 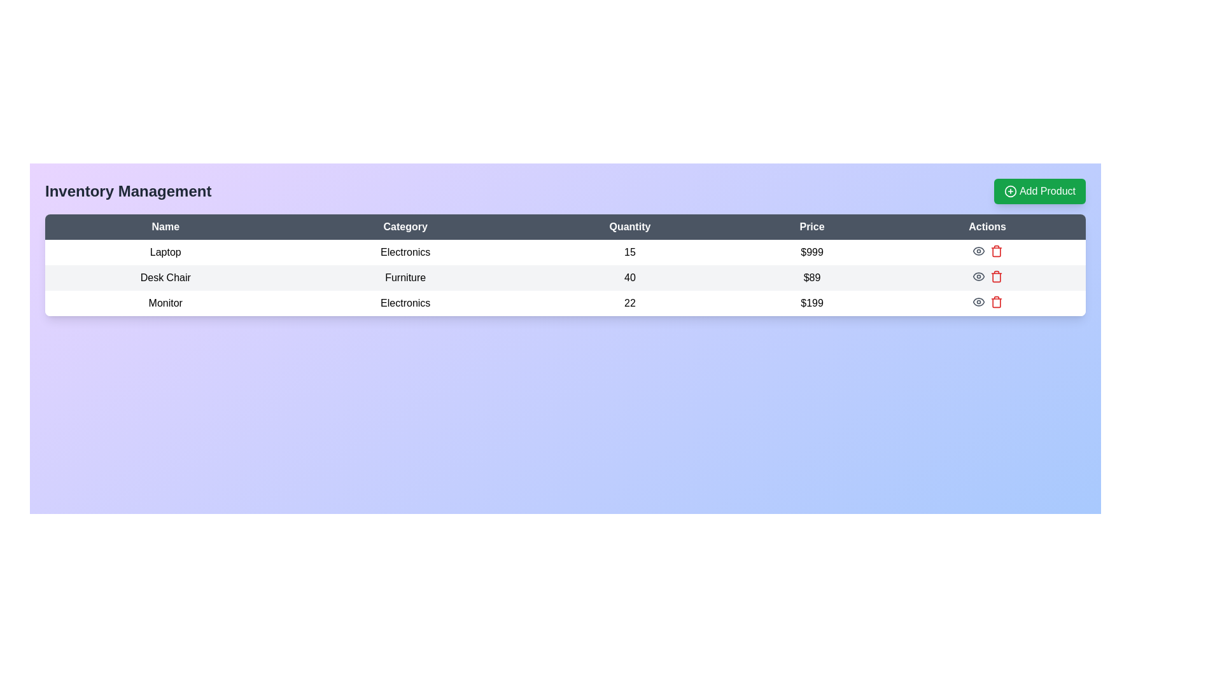 What do you see at coordinates (165, 277) in the screenshot?
I see `the text label displaying 'Desk Chair', which is located in the second row under the 'Name' column of a table-like structure` at bounding box center [165, 277].